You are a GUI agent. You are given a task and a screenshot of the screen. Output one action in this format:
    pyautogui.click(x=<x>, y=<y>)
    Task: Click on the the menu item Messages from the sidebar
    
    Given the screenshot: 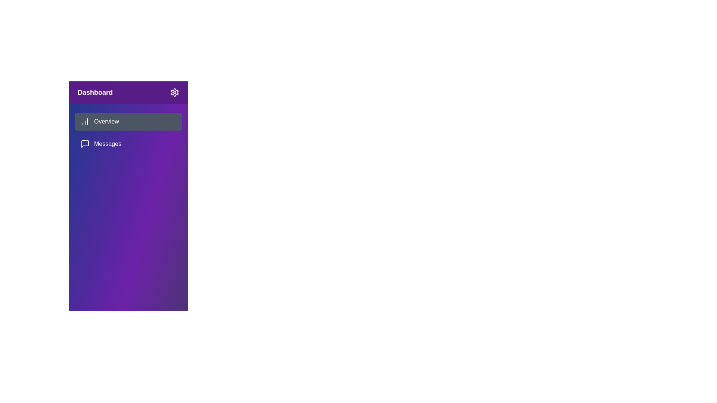 What is the action you would take?
    pyautogui.click(x=128, y=144)
    